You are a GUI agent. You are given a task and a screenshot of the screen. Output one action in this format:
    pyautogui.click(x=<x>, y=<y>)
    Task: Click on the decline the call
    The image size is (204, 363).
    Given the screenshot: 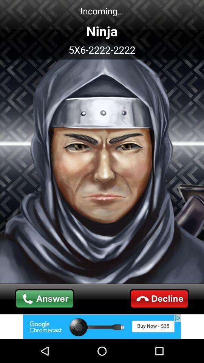 What is the action you would take?
    pyautogui.click(x=159, y=299)
    